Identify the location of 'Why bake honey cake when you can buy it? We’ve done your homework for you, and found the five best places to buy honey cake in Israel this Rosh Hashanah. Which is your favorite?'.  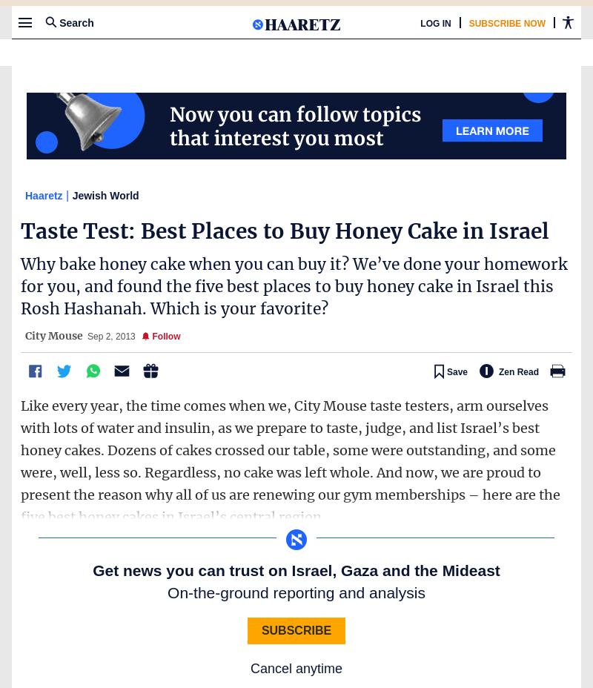
(294, 286).